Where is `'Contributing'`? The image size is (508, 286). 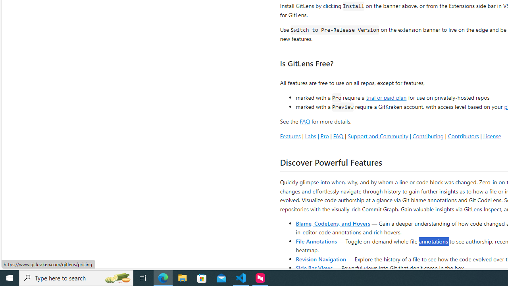 'Contributing' is located at coordinates (427, 135).